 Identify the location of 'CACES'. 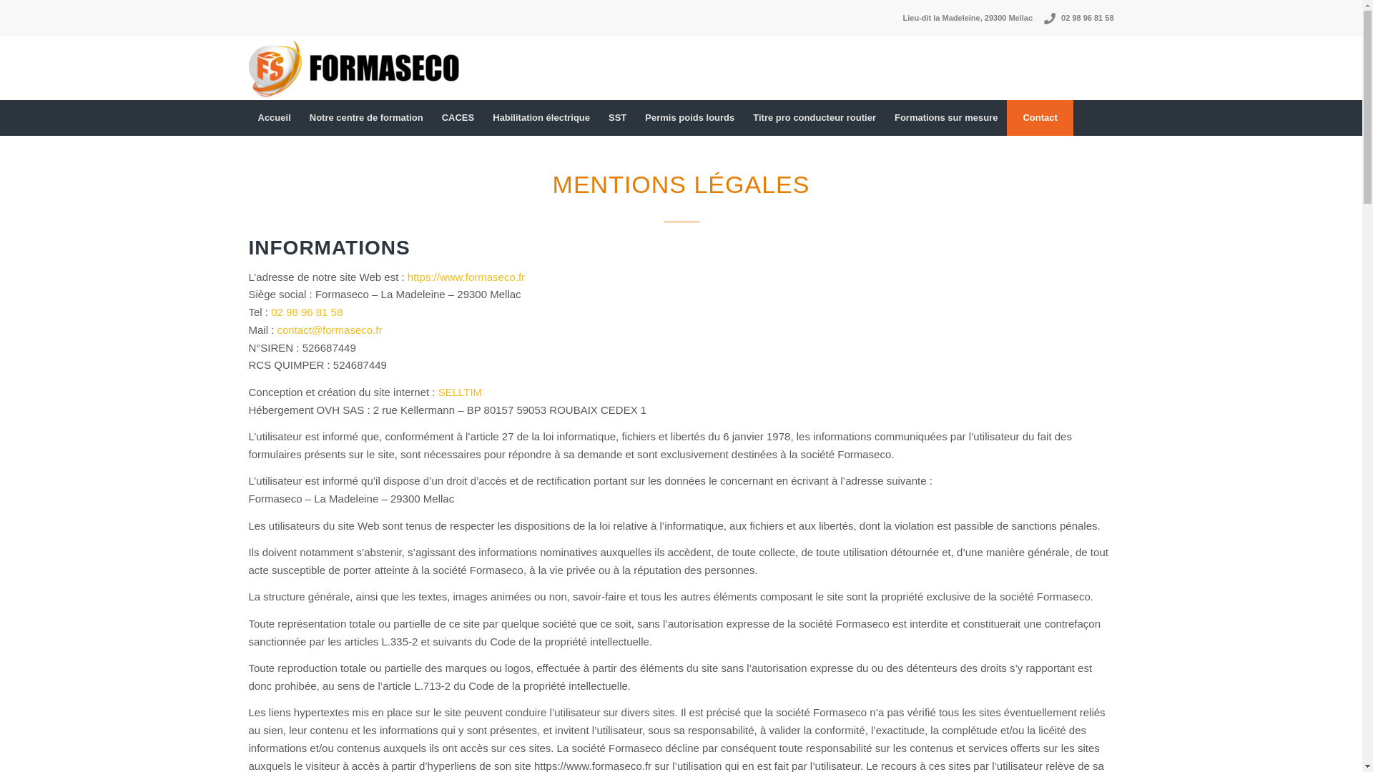
(458, 117).